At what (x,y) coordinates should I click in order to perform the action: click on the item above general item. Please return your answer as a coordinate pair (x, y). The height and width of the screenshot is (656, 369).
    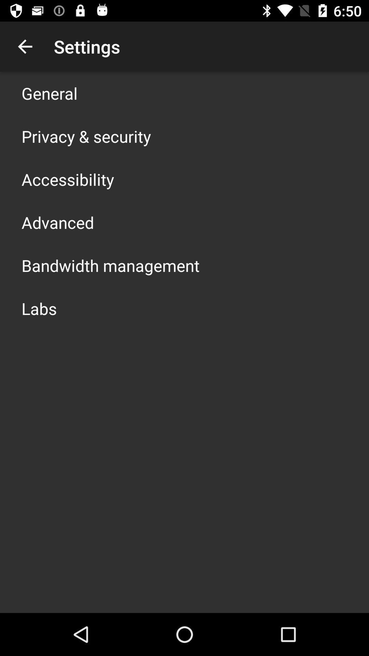
    Looking at the image, I should click on (25, 46).